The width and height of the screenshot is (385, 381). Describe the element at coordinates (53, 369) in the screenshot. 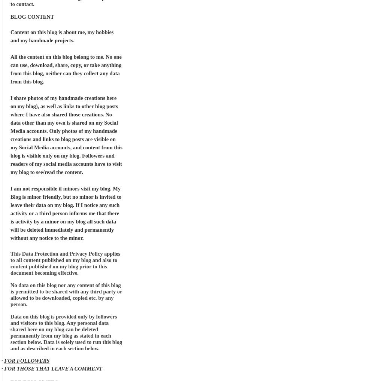

I see `'FOR THOSE THAT LEAVE A COMMENT'` at that location.